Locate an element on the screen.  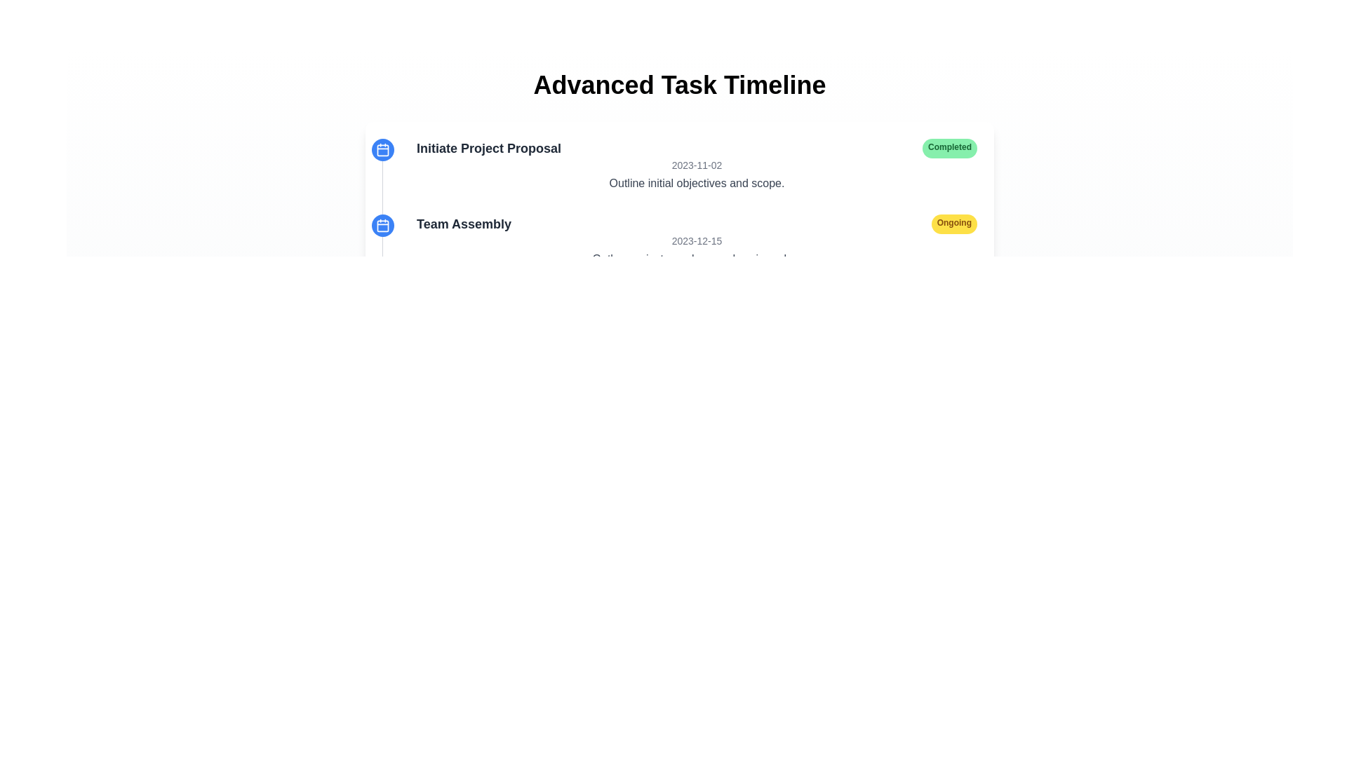
the icon inside the second circular button on the timeline, which is aligned left to the text 'Team Assembly' is located at coordinates (383, 224).